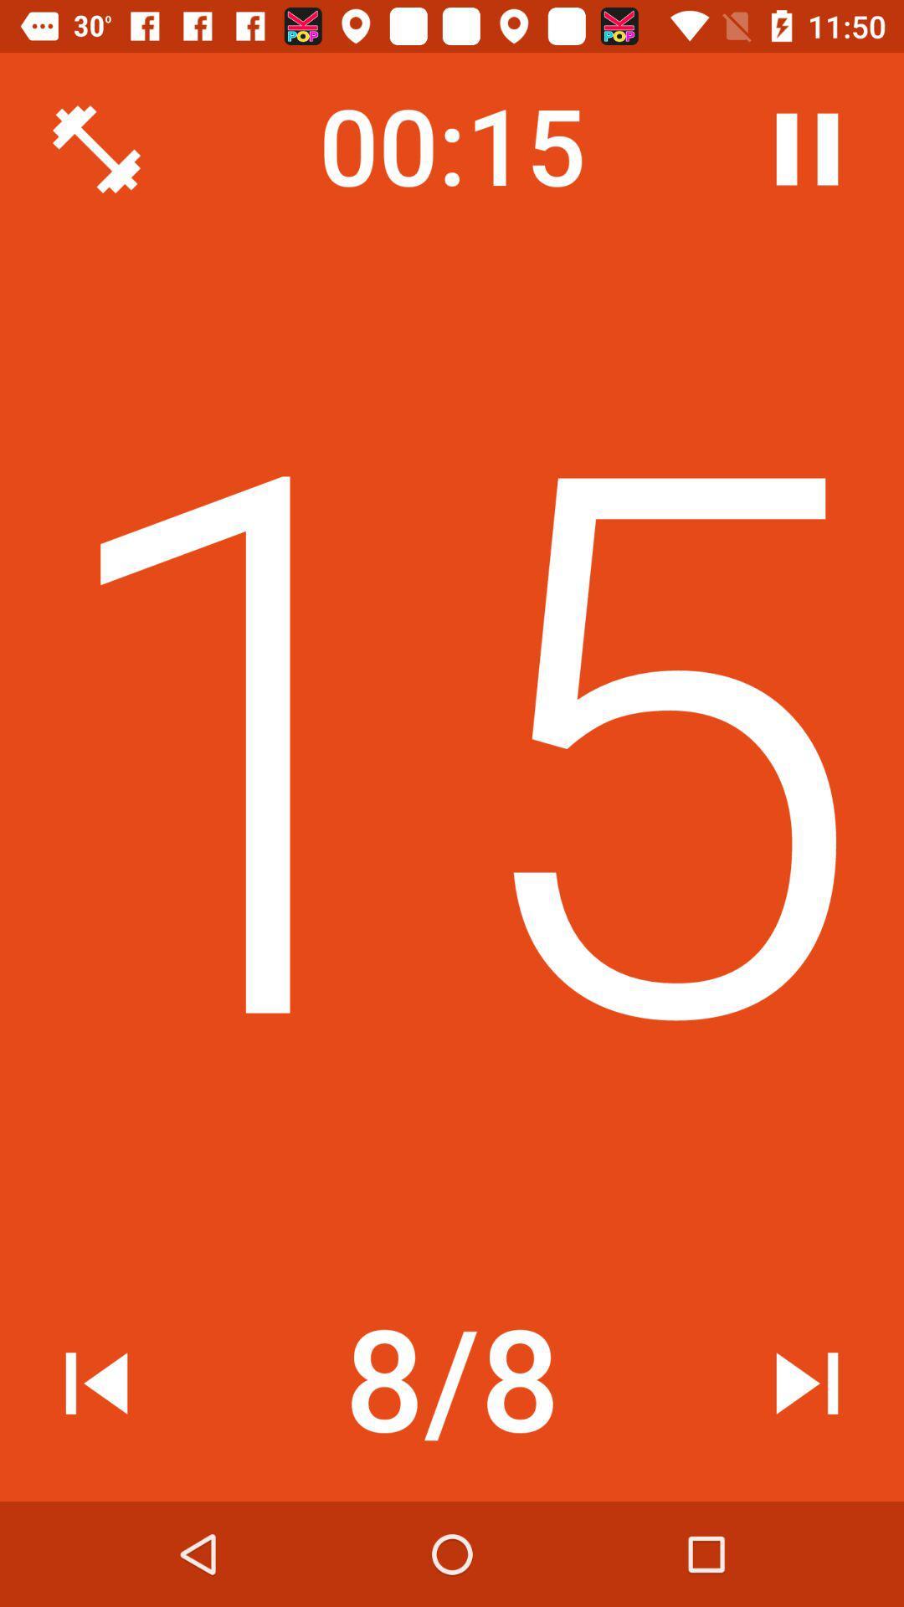  I want to click on item next to 8/8, so click(96, 1383).